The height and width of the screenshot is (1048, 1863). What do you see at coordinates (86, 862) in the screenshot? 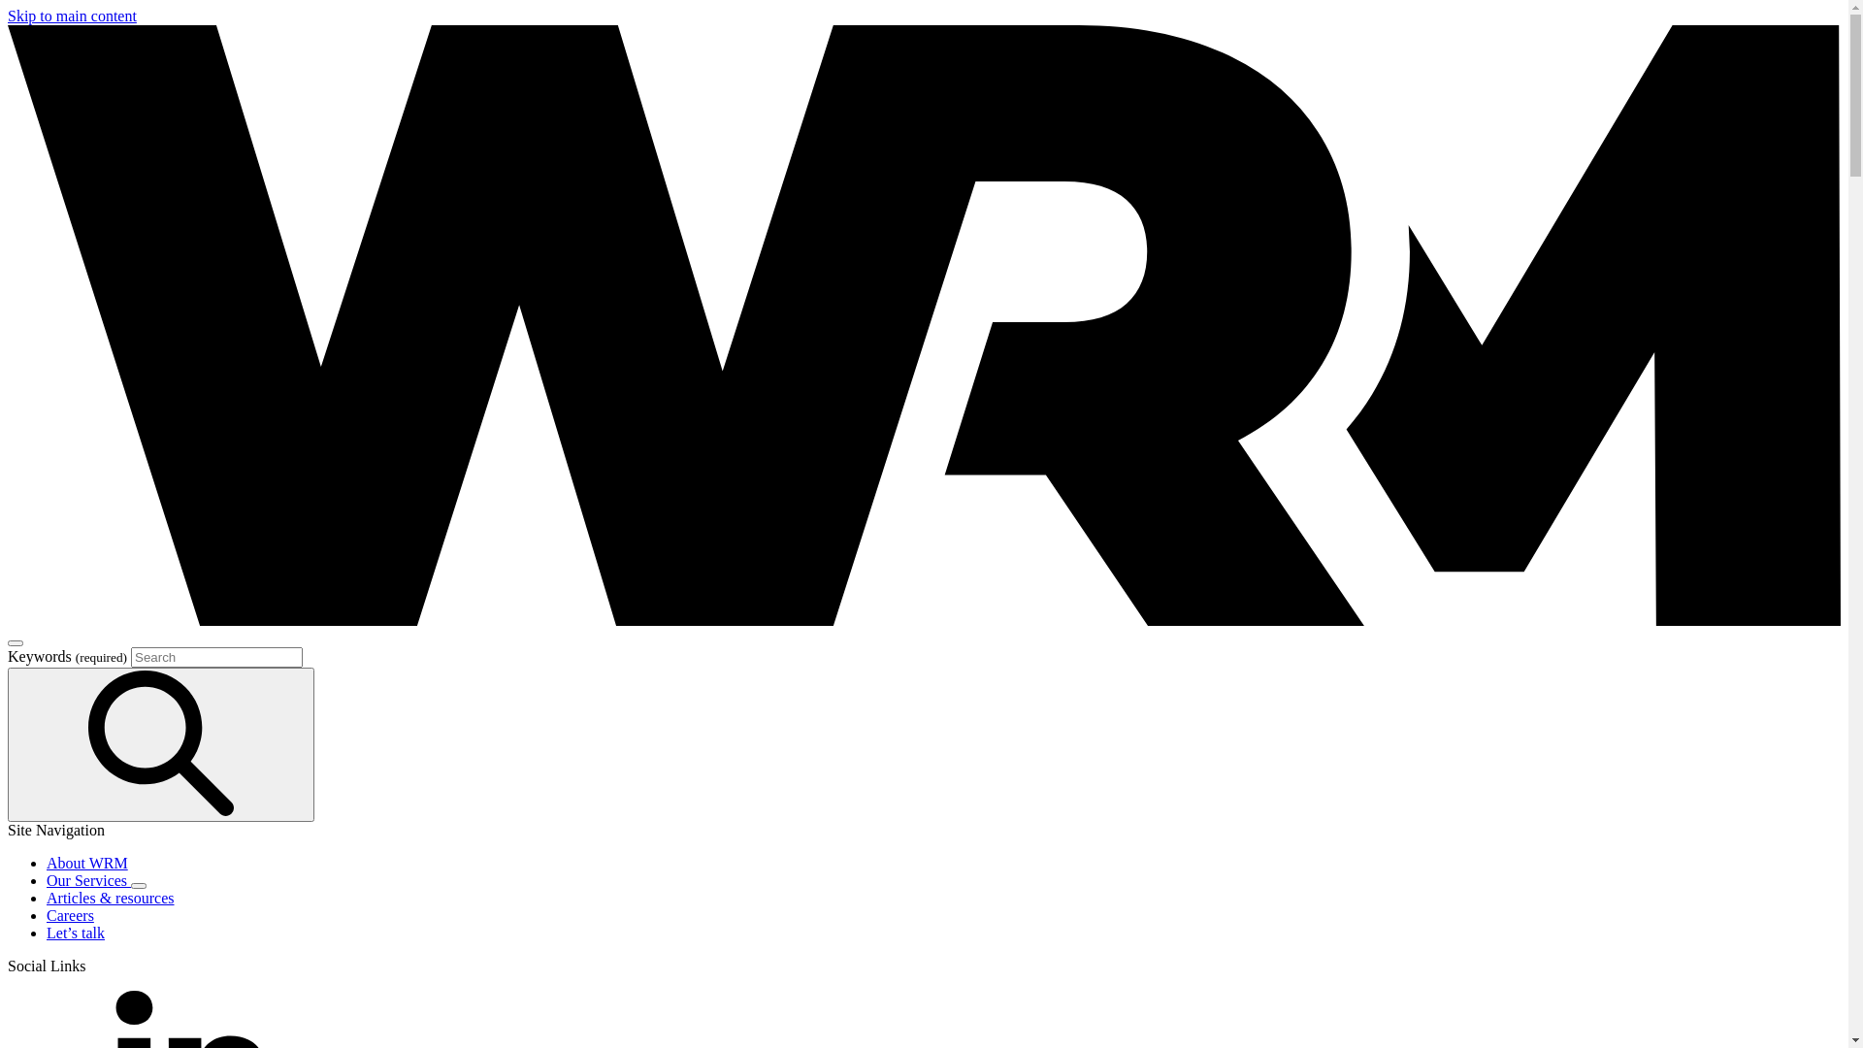
I see `'About WRM'` at bounding box center [86, 862].